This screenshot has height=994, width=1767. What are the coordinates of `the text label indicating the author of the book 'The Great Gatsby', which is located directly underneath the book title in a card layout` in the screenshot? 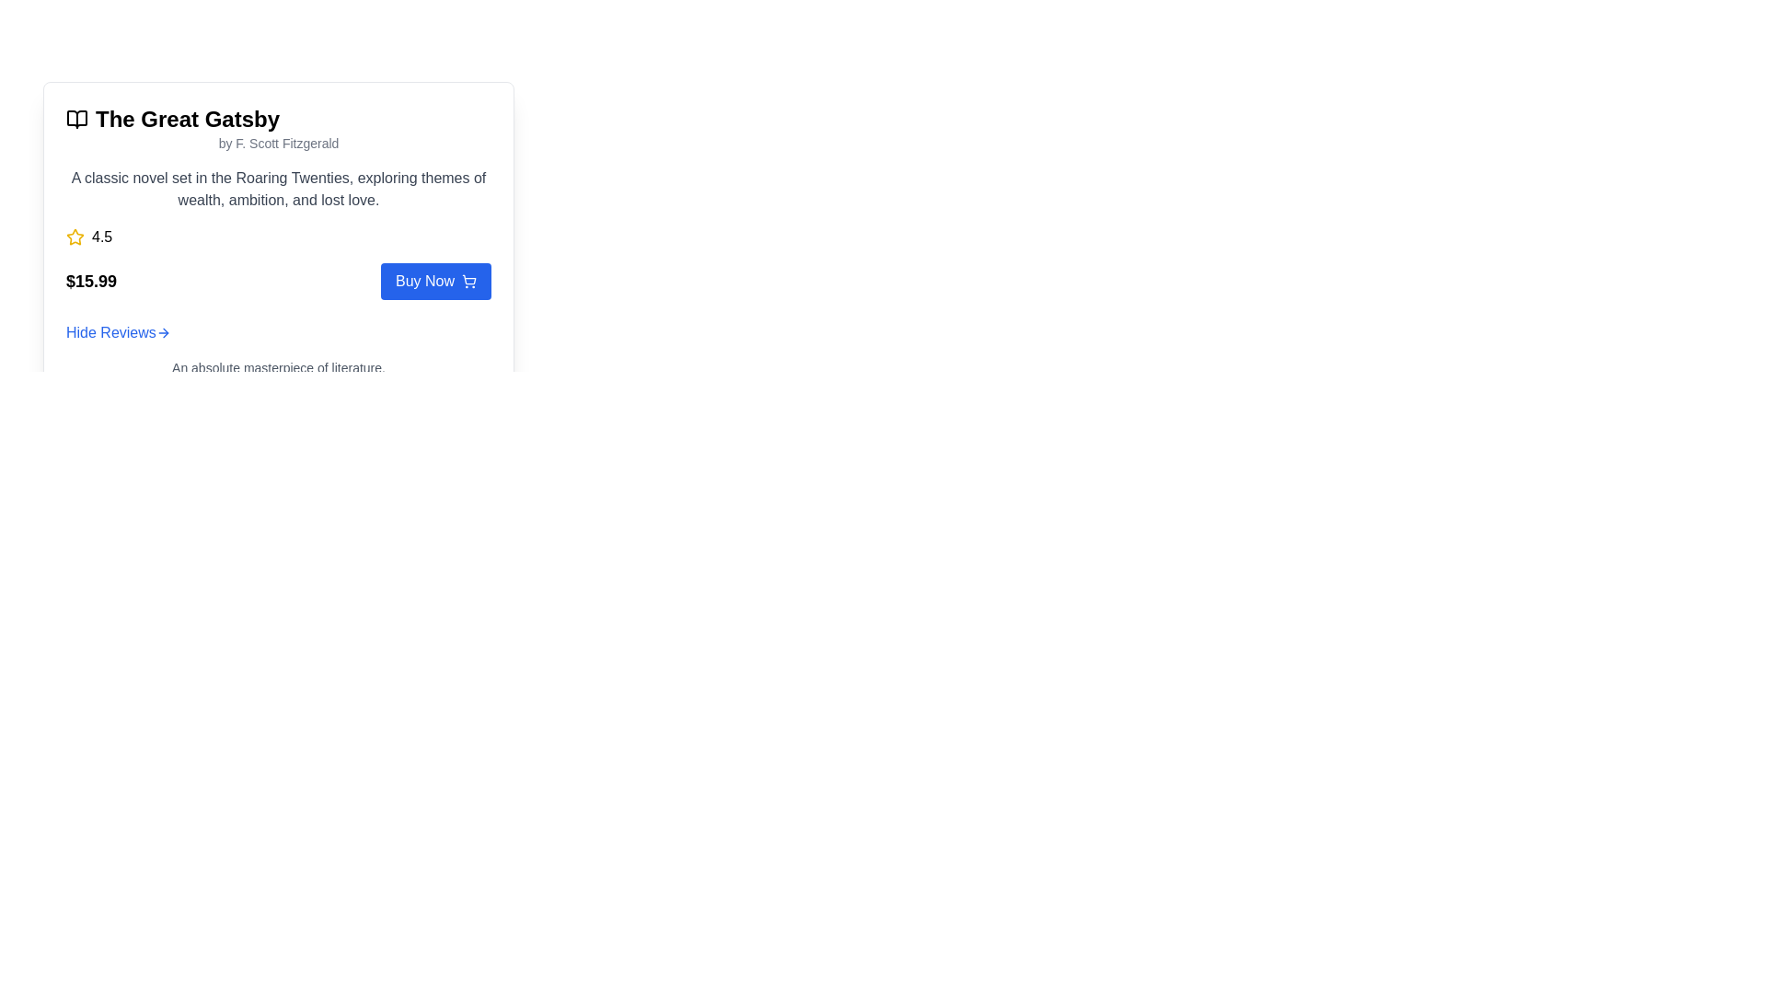 It's located at (277, 142).